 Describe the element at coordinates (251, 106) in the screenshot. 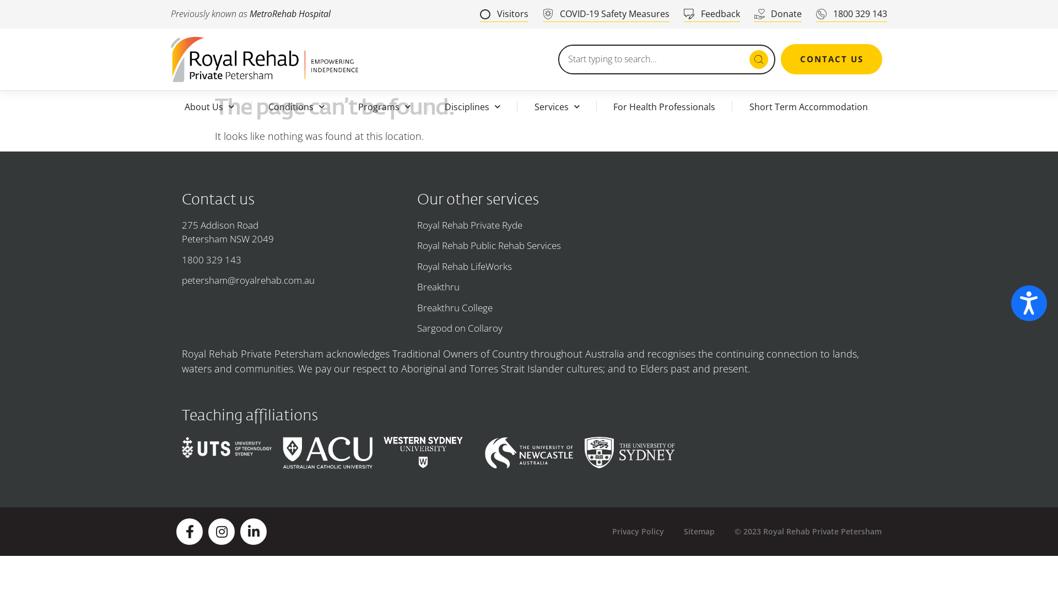

I see `'Conditions'` at that location.